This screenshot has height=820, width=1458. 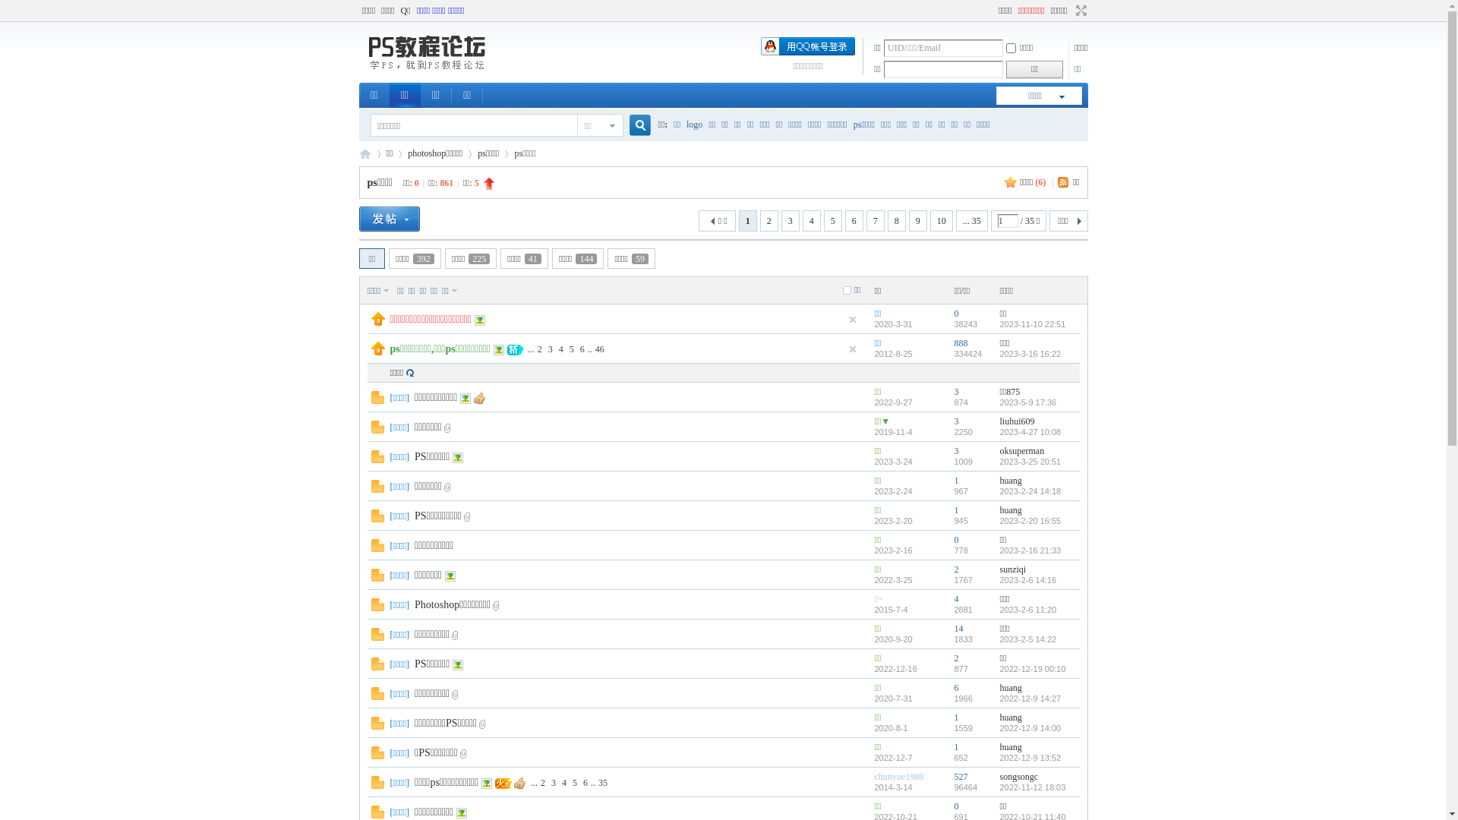 I want to click on '2023-3-16 16:22', so click(x=1030, y=354).